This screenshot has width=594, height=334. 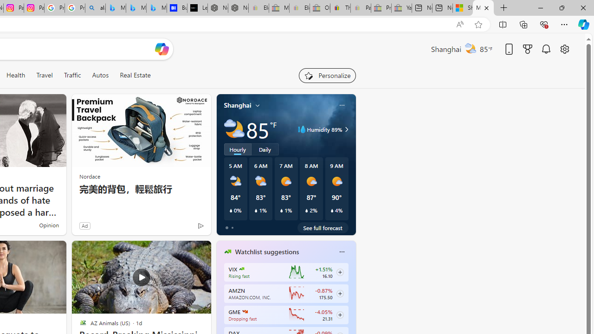 What do you see at coordinates (346, 129) in the screenshot?
I see `'Class: weather-arrow-glyph'` at bounding box center [346, 129].